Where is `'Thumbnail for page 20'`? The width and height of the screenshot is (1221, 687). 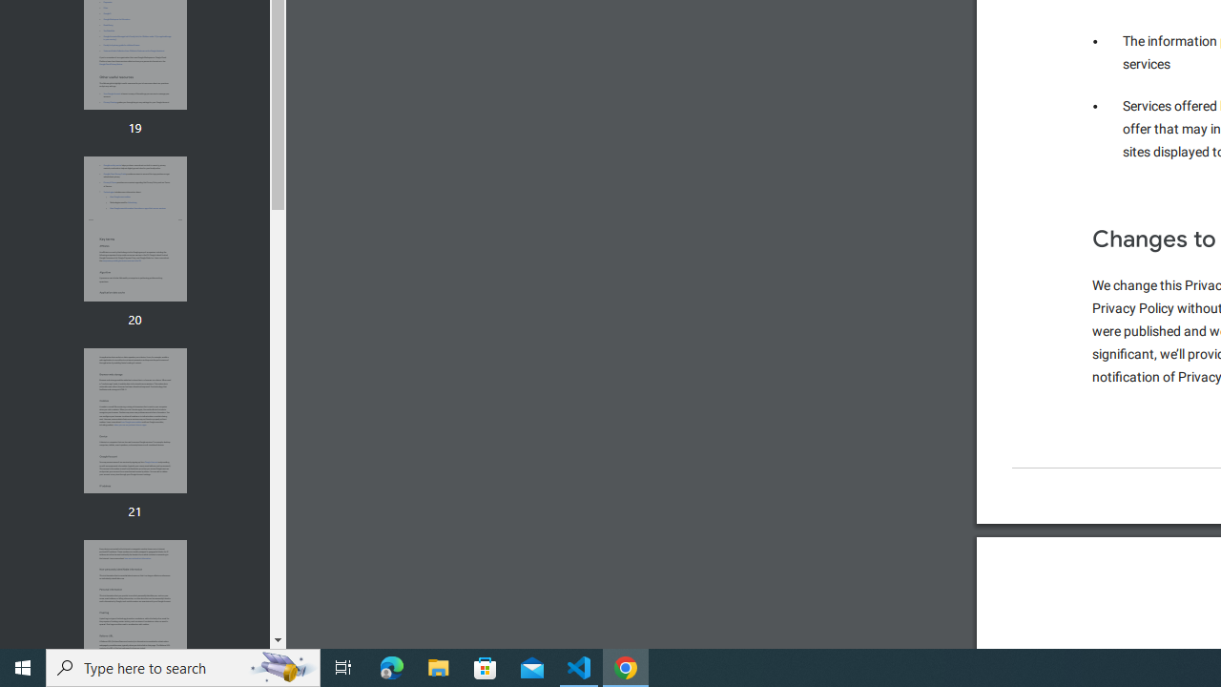
'Thumbnail for page 20' is located at coordinates (134, 228).